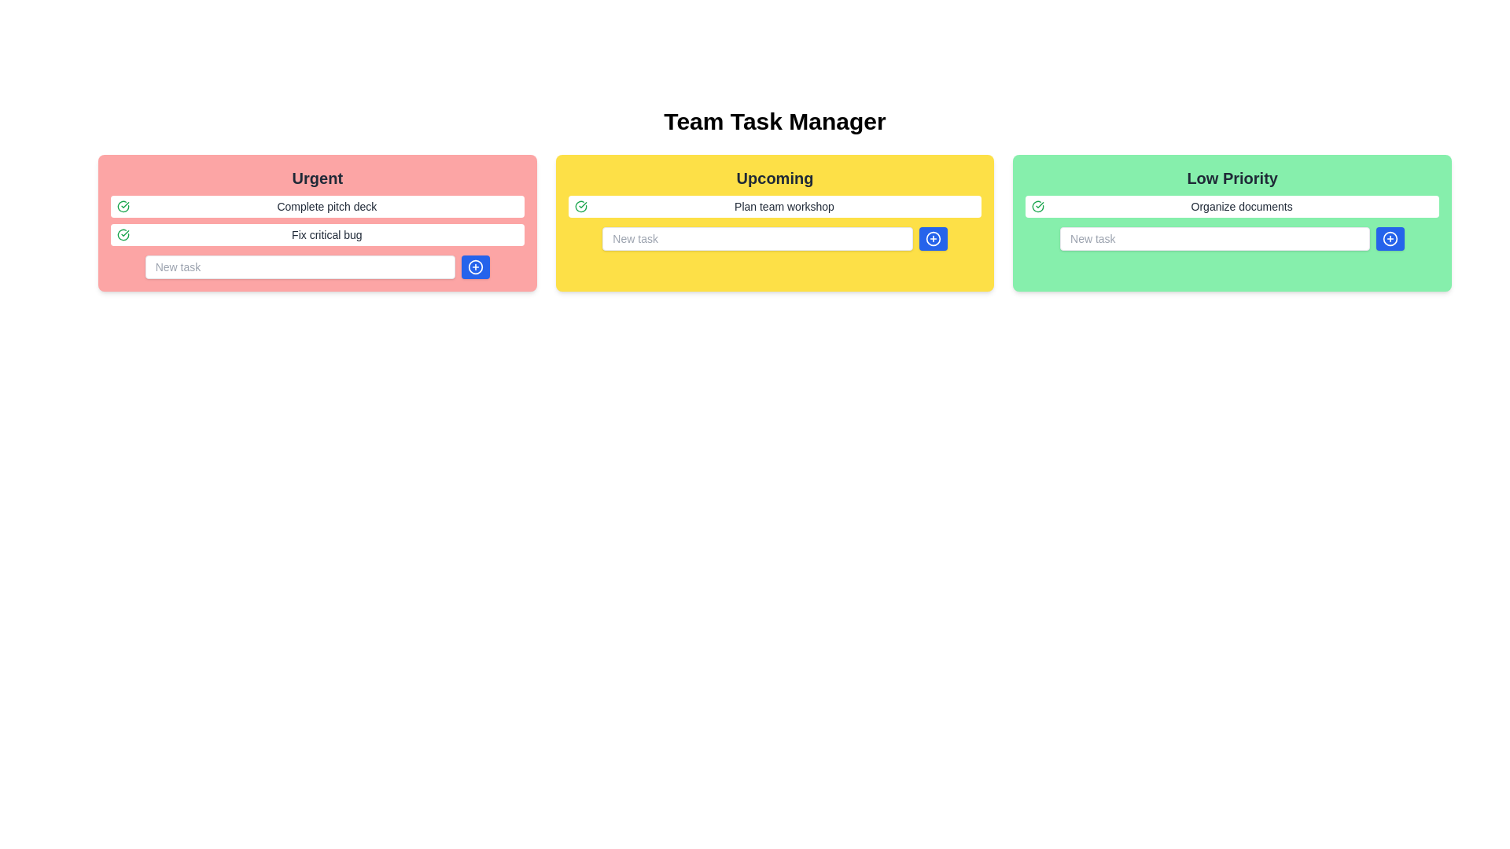 This screenshot has height=849, width=1510. What do you see at coordinates (1241, 205) in the screenshot?
I see `text of the 'Low Priority' task label located in the green section of the interface, positioned above the new task input field` at bounding box center [1241, 205].